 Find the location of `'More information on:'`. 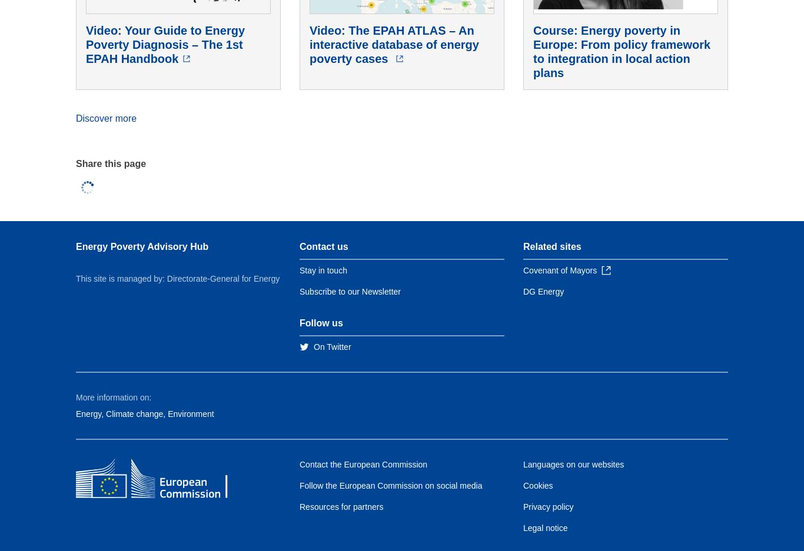

'More information on:' is located at coordinates (113, 396).